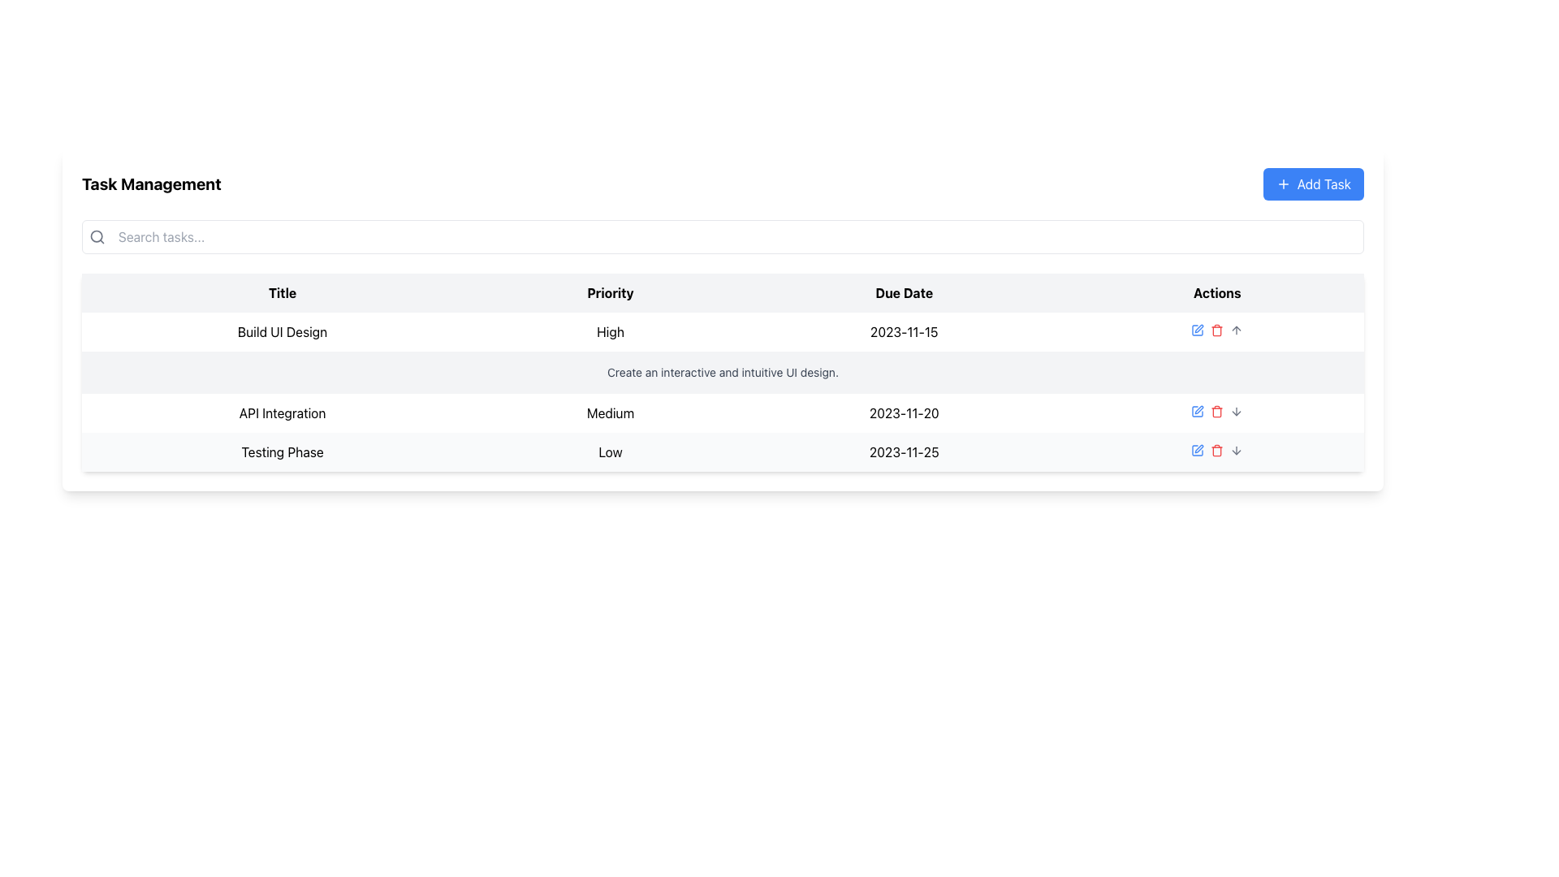 The width and height of the screenshot is (1559, 877). What do you see at coordinates (1217, 451) in the screenshot?
I see `the red trash bin icon button, which is the third action button in the Actions column of the third row in the table` at bounding box center [1217, 451].